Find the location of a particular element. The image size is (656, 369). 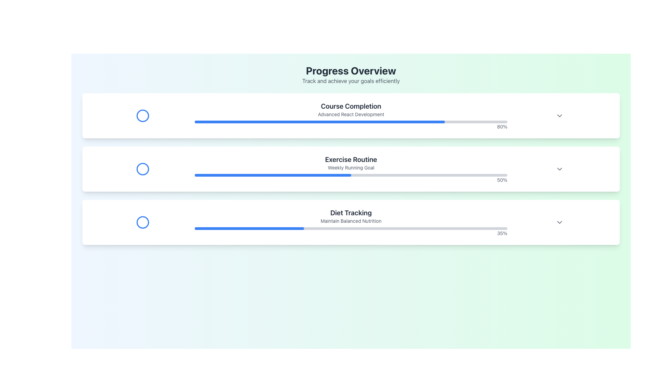

the text block containing the title and subtitle that introduces the content below, positioned at the top-center of the page is located at coordinates (351, 75).